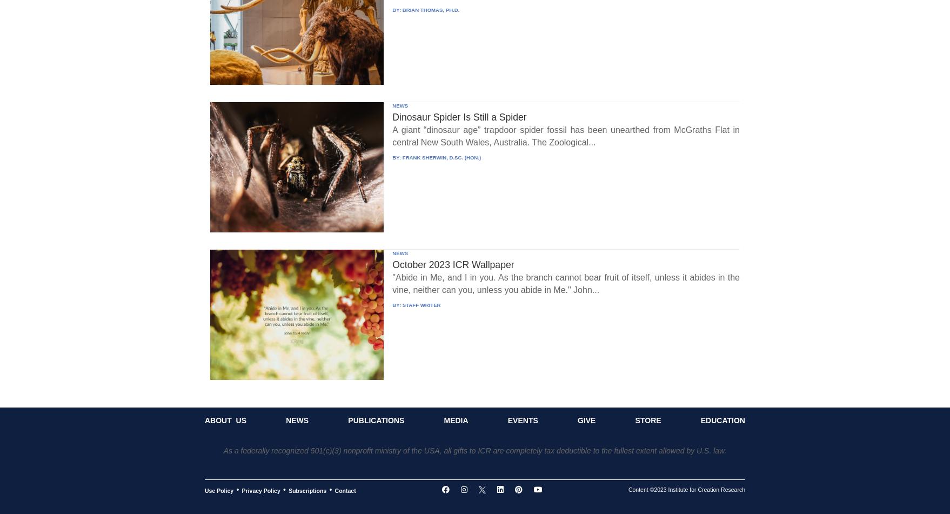 This screenshot has width=950, height=514. What do you see at coordinates (297, 420) in the screenshot?
I see `'News'` at bounding box center [297, 420].